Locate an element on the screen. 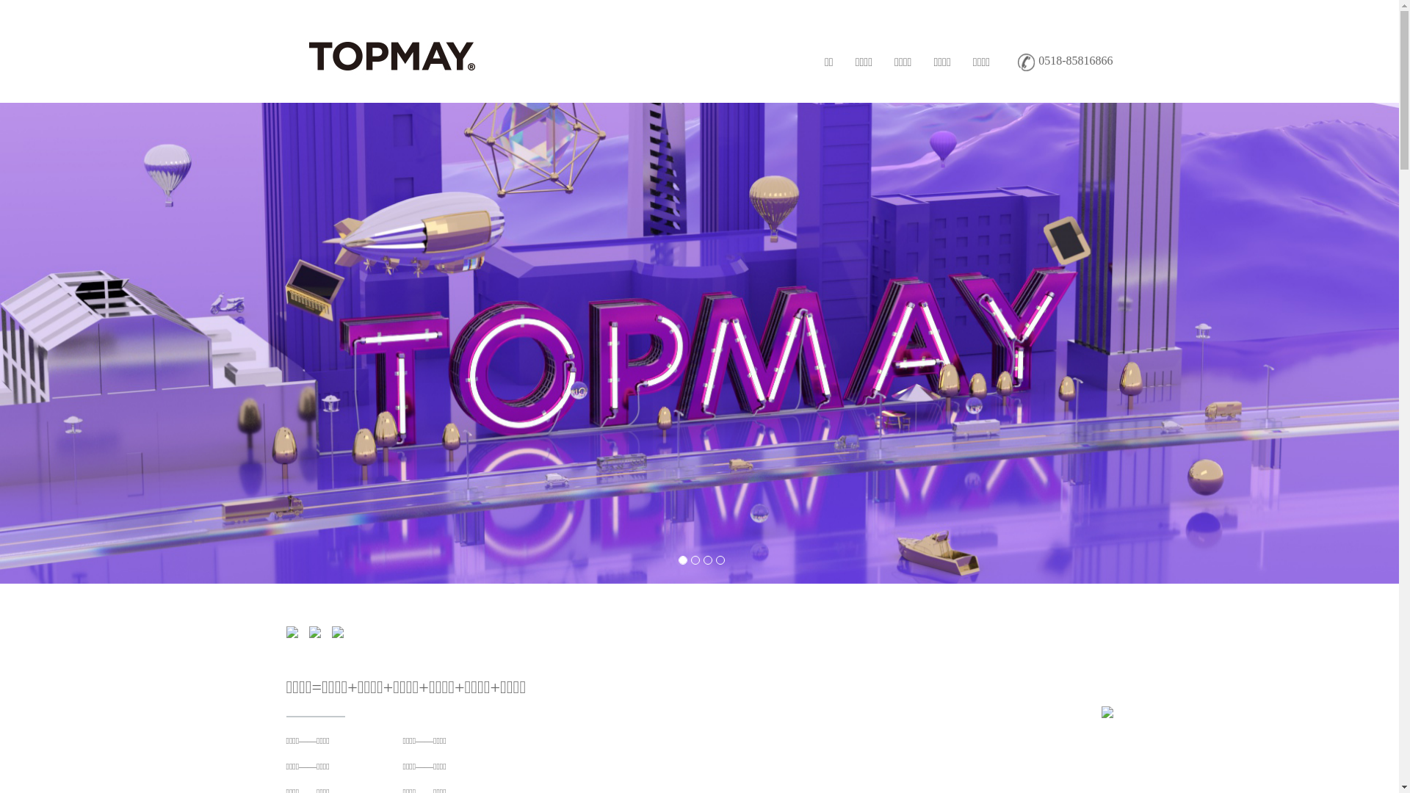  '4' is located at coordinates (720, 560).